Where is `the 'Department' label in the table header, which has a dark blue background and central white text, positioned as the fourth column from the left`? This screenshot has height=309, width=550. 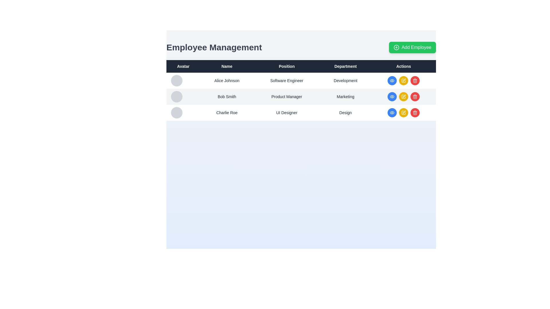 the 'Department' label in the table header, which has a dark blue background and central white text, positioned as the fourth column from the left is located at coordinates (345, 66).